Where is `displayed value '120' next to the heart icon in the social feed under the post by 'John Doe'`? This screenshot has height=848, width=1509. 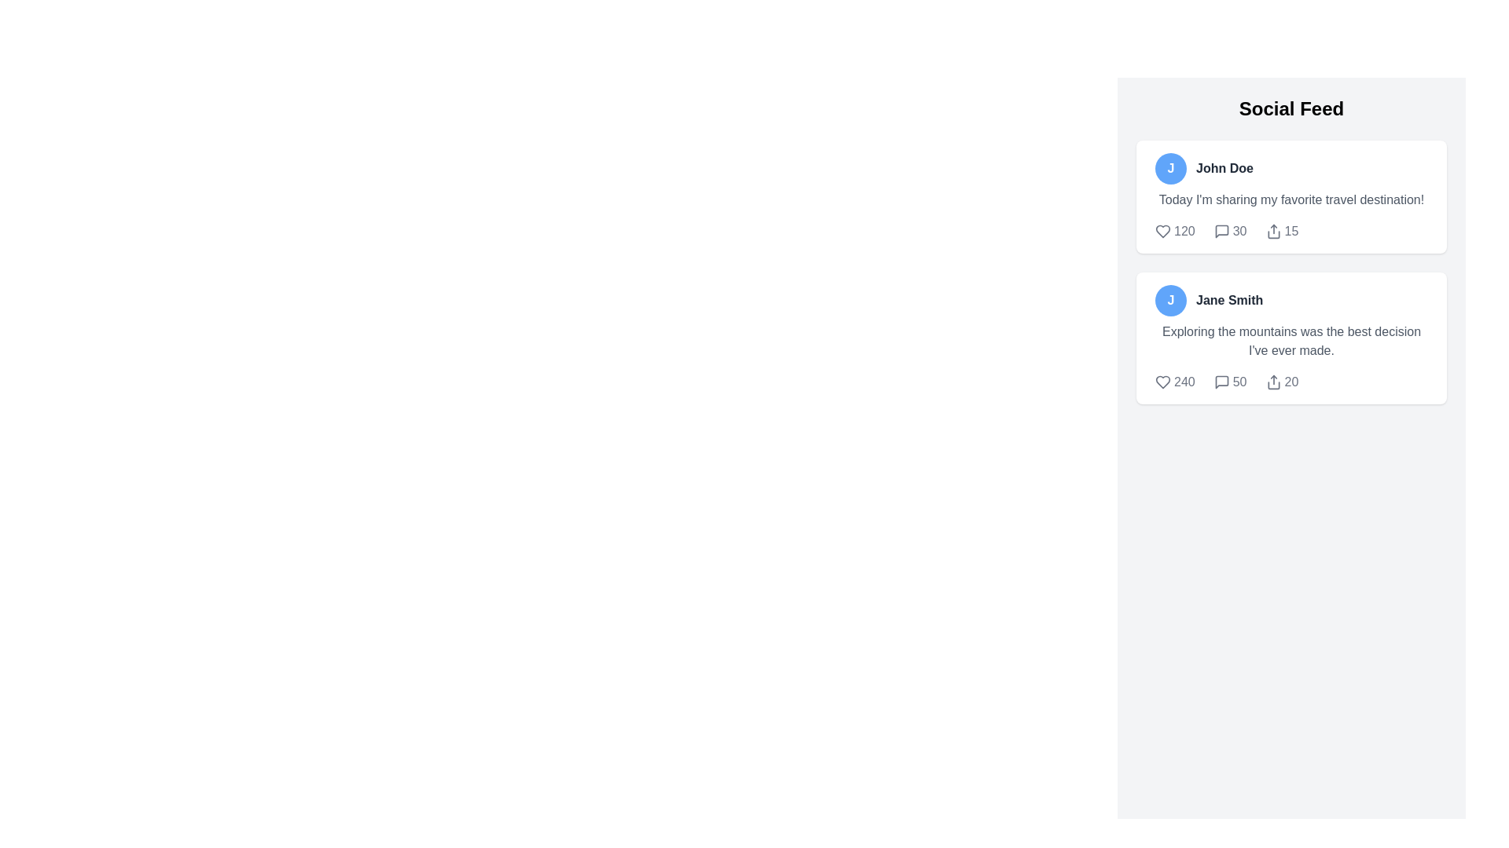
displayed value '120' next to the heart icon in the social feed under the post by 'John Doe' is located at coordinates (1184, 231).